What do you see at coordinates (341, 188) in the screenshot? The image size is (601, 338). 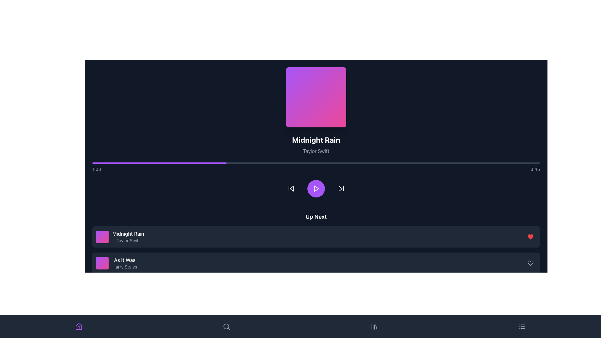 I see `the 'skip forward' button, which is the third button in the bottom center row` at bounding box center [341, 188].